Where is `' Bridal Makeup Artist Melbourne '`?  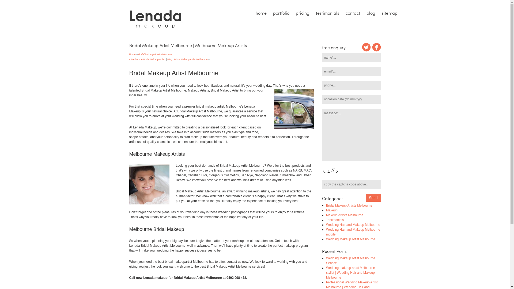 ' Bridal Makeup Artist Melbourne ' is located at coordinates (155, 54).